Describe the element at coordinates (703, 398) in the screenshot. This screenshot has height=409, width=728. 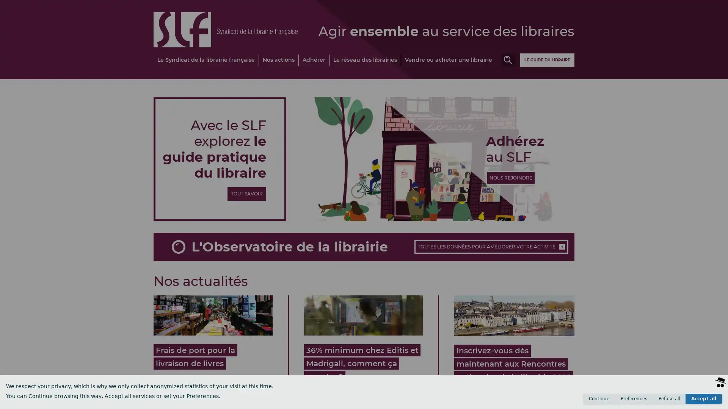
I see `Accept all` at that location.